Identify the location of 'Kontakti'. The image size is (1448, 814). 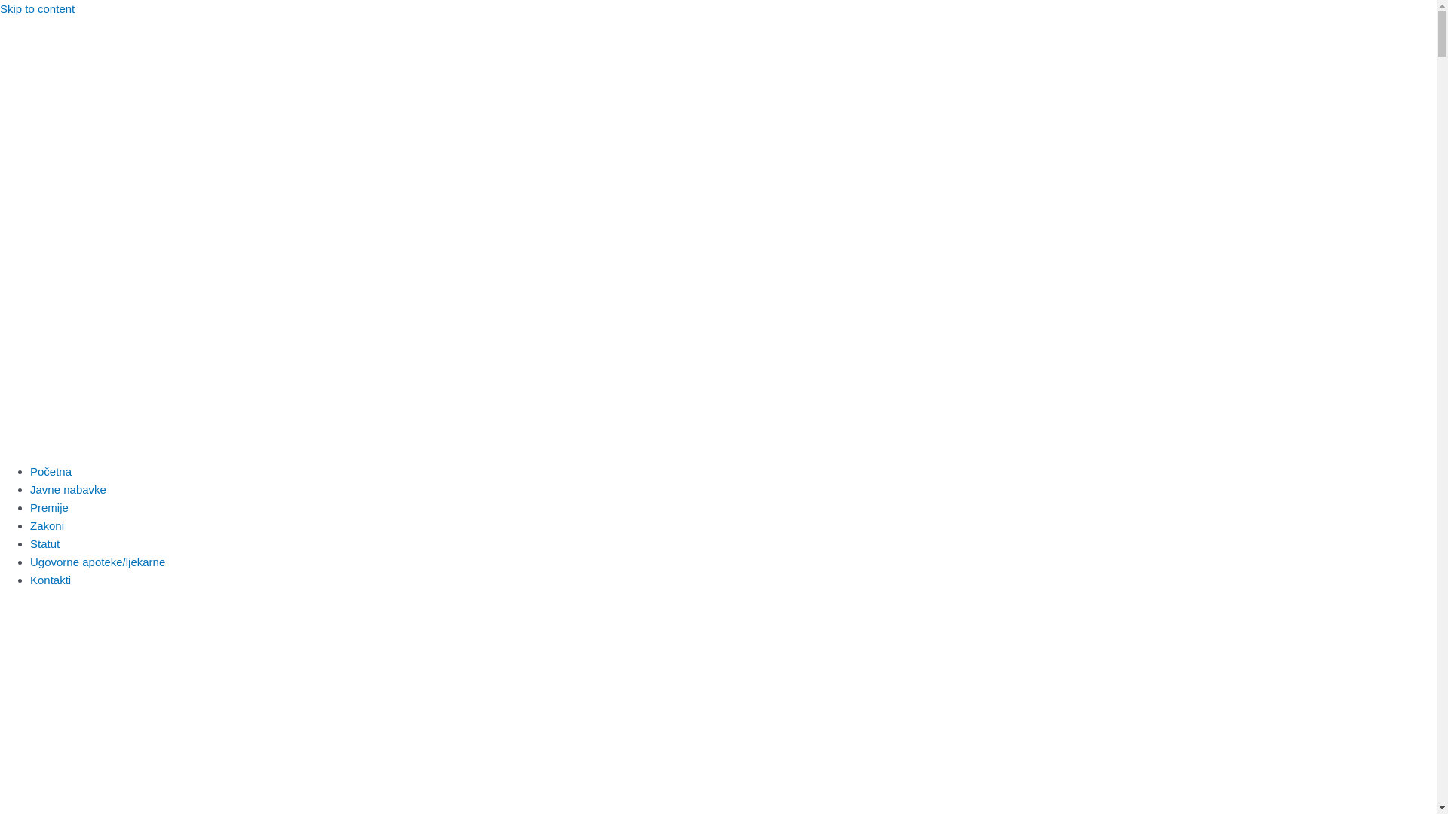
(51, 579).